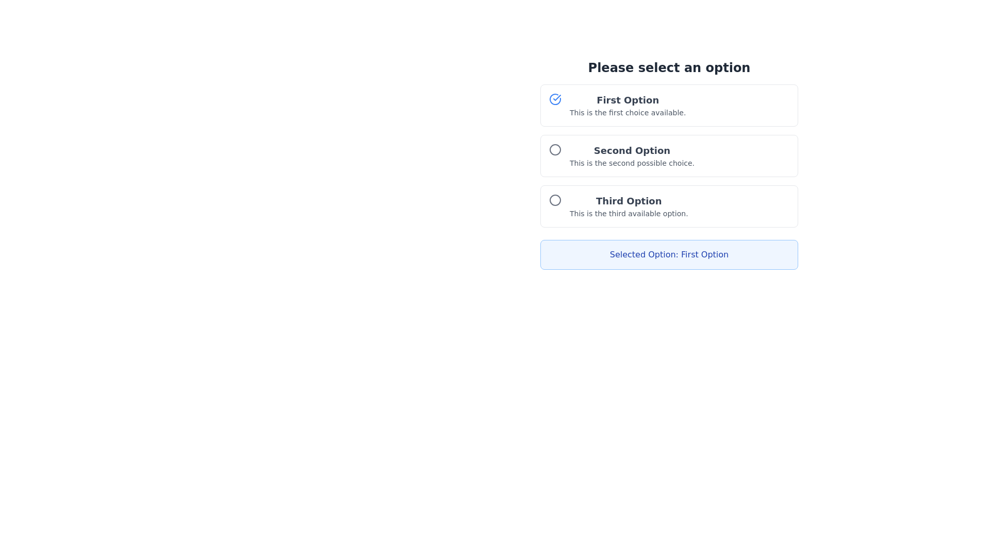  I want to click on the 'Second Option' radio button, which is styled as a selection option with a circular icon and bold text, so click(669, 156).